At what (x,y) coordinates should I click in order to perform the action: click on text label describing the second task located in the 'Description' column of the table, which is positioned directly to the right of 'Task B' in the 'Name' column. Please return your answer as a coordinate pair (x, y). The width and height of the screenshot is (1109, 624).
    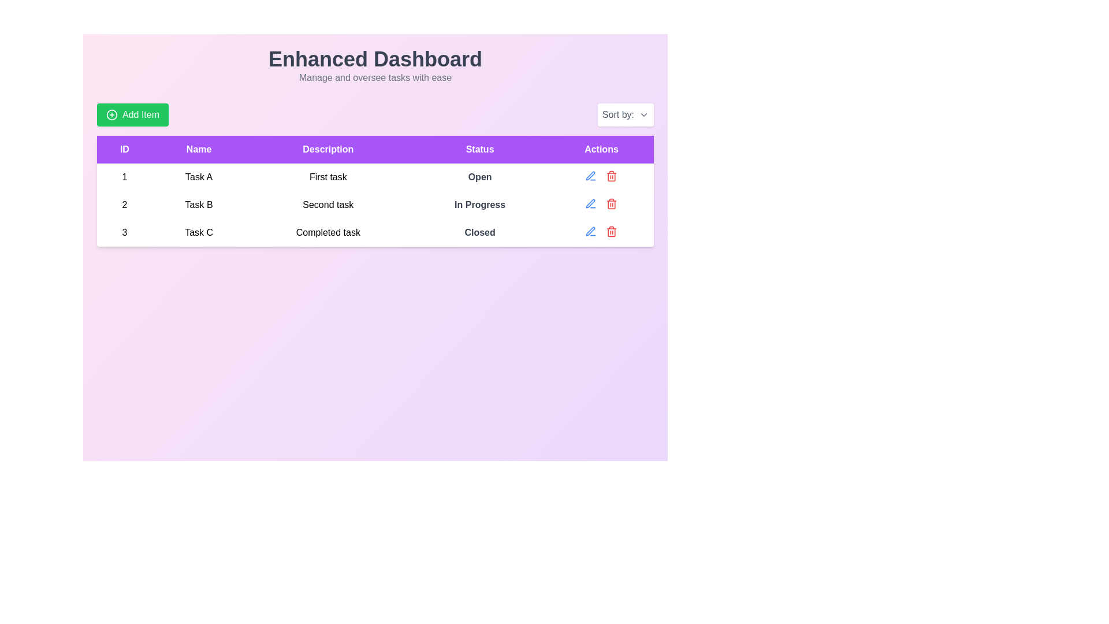
    Looking at the image, I should click on (328, 204).